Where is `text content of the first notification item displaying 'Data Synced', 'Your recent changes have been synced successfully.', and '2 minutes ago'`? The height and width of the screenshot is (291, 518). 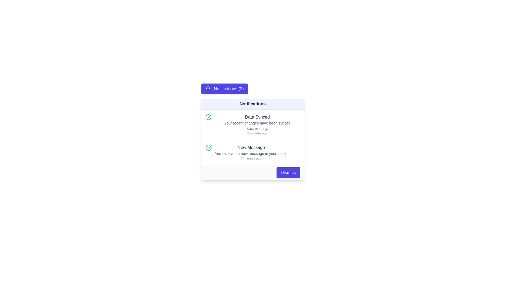
text content of the first notification item displaying 'Data Synced', 'Your recent changes have been synced successfully.', and '2 minutes ago' is located at coordinates (257, 124).